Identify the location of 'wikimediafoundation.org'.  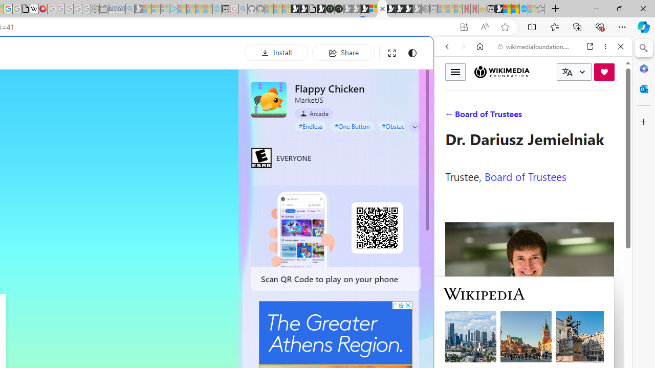
(535, 47).